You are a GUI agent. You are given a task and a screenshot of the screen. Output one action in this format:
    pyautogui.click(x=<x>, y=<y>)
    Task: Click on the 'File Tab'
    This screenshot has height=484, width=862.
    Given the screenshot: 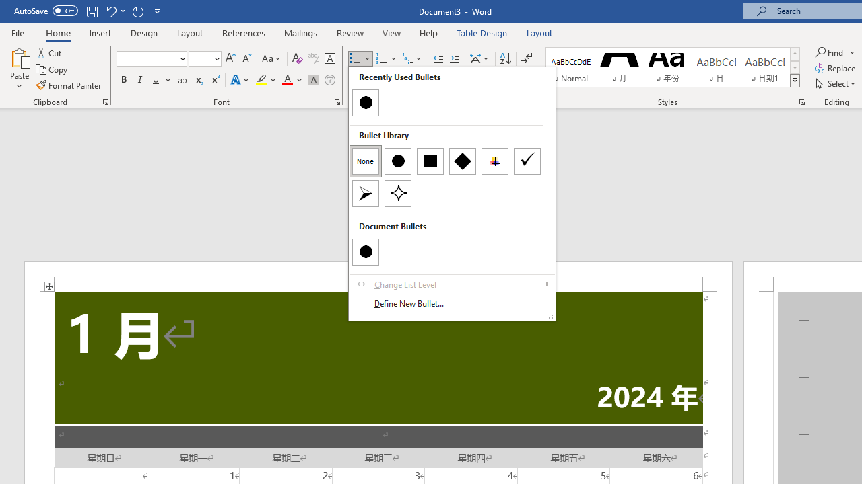 What is the action you would take?
    pyautogui.click(x=18, y=32)
    